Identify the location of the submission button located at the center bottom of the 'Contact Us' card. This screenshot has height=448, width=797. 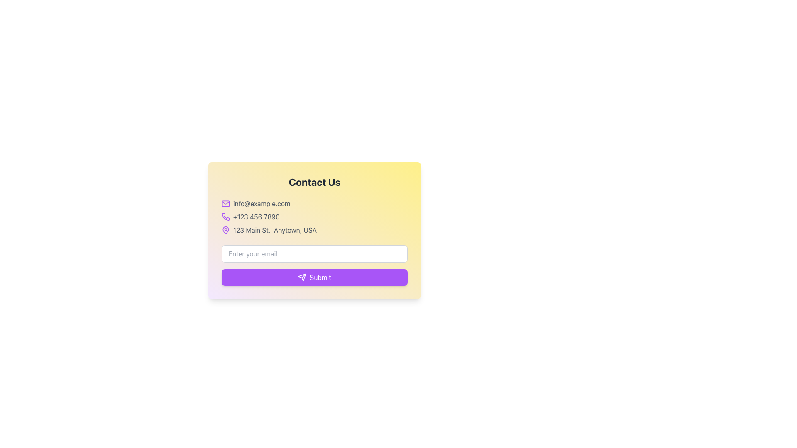
(314, 265).